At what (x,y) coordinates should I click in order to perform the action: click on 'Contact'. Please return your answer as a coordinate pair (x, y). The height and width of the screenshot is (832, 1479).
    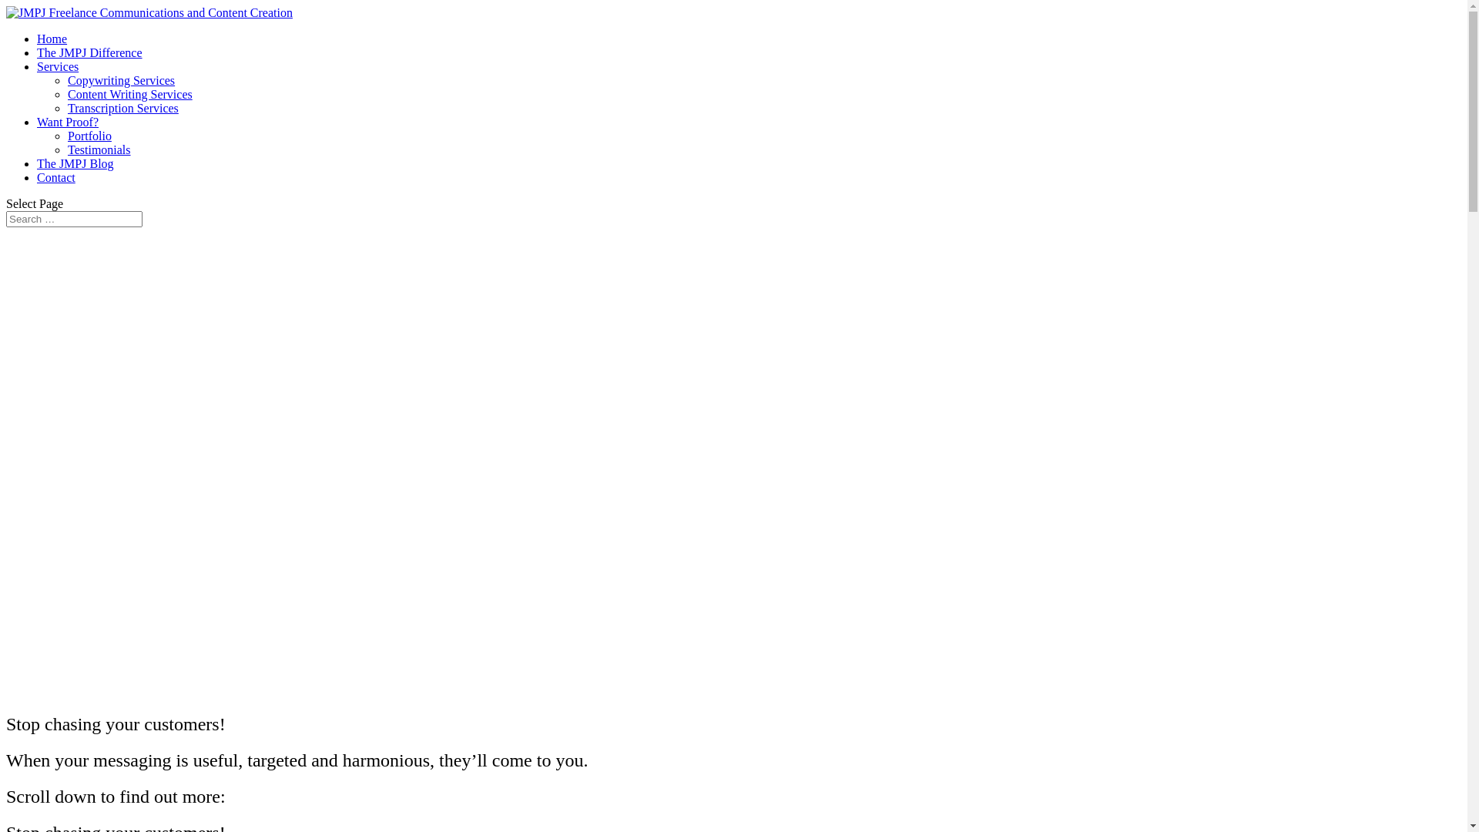
    Looking at the image, I should click on (55, 176).